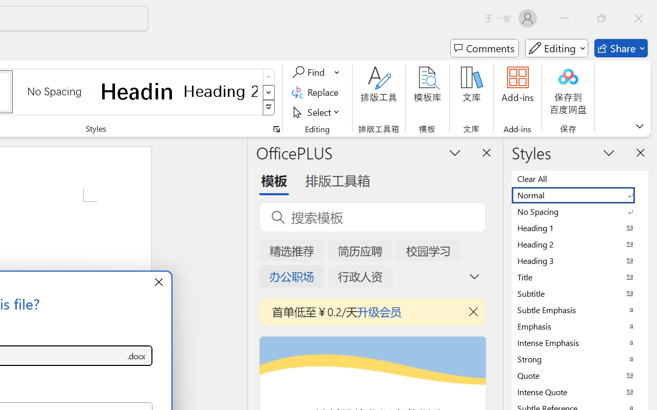 The width and height of the screenshot is (657, 410). What do you see at coordinates (484, 48) in the screenshot?
I see `'Comments'` at bounding box center [484, 48].